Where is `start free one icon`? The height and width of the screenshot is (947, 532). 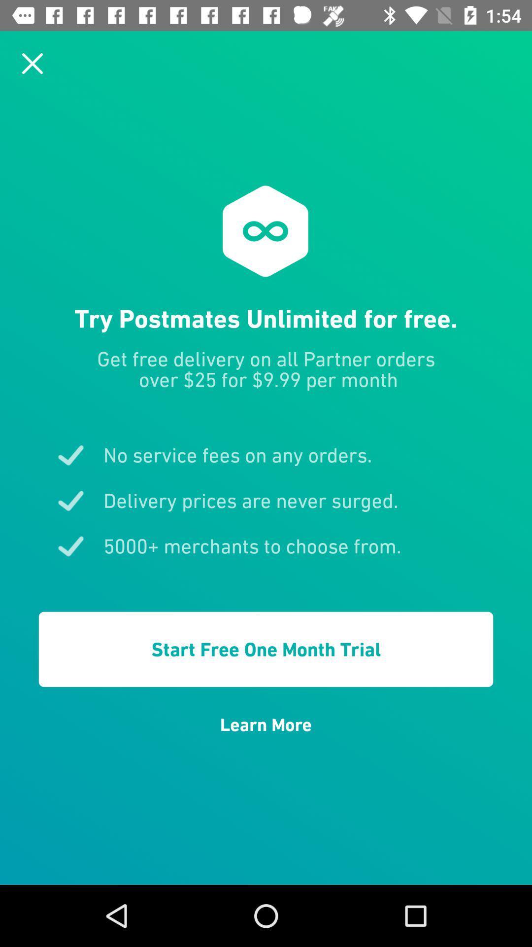 start free one icon is located at coordinates (266, 649).